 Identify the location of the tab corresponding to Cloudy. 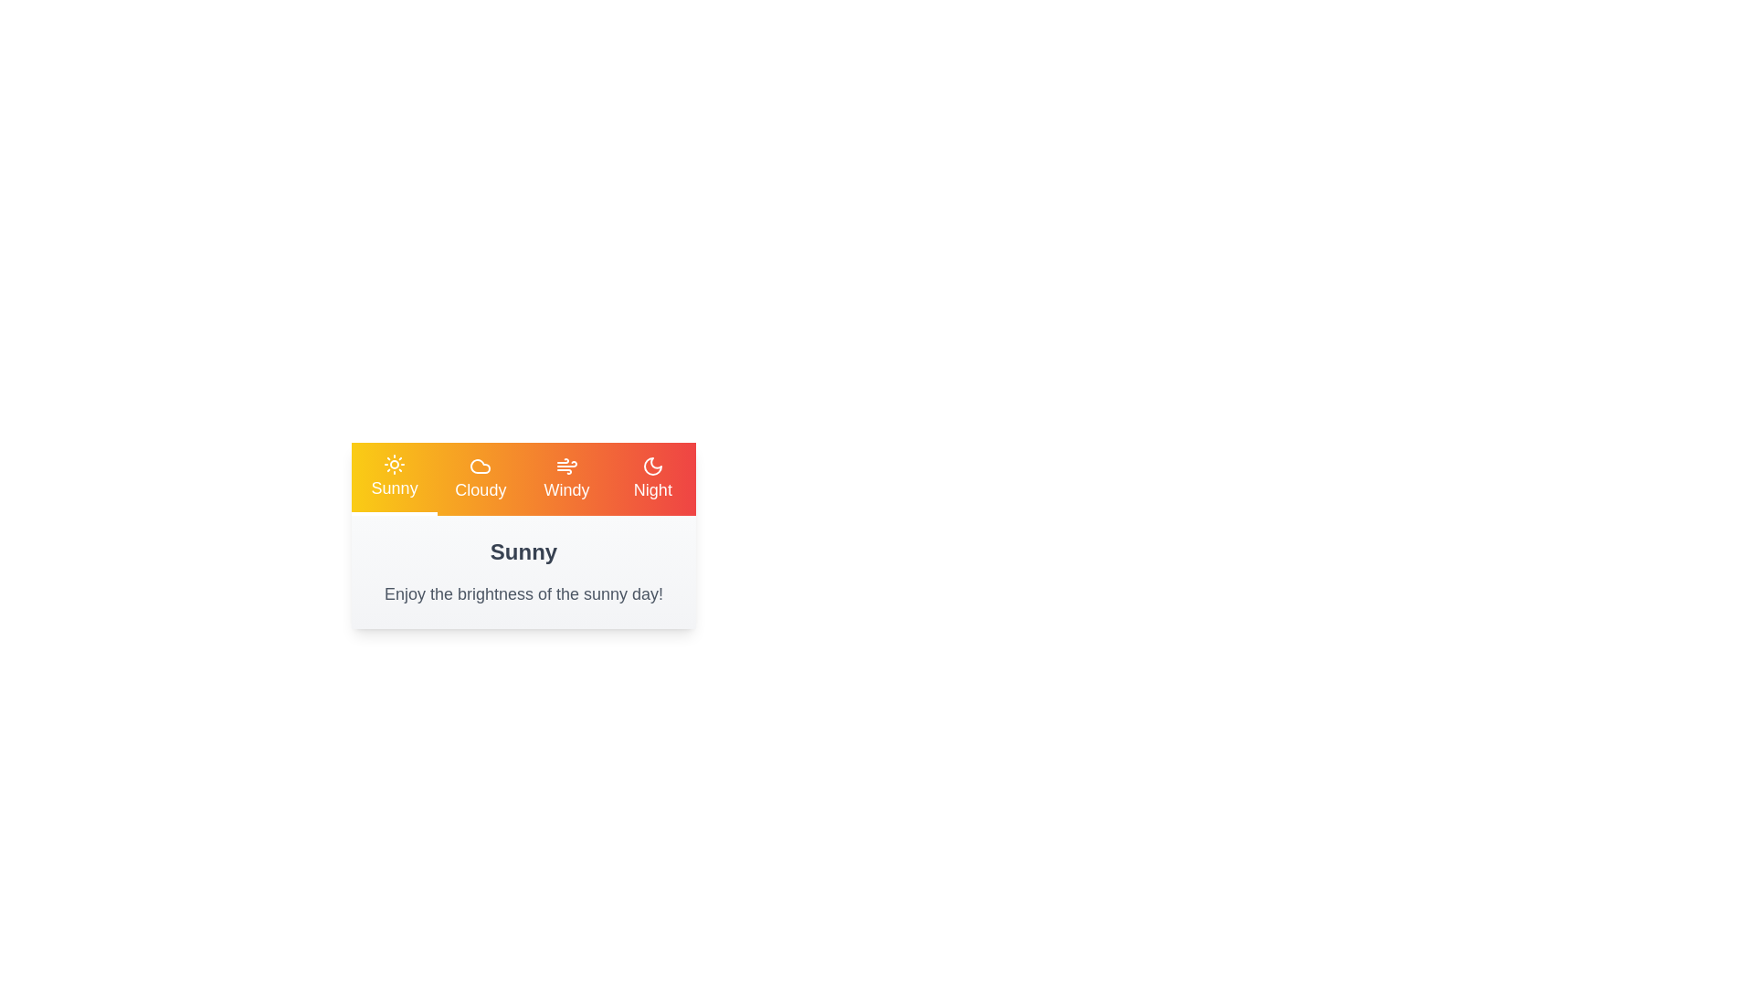
(481, 477).